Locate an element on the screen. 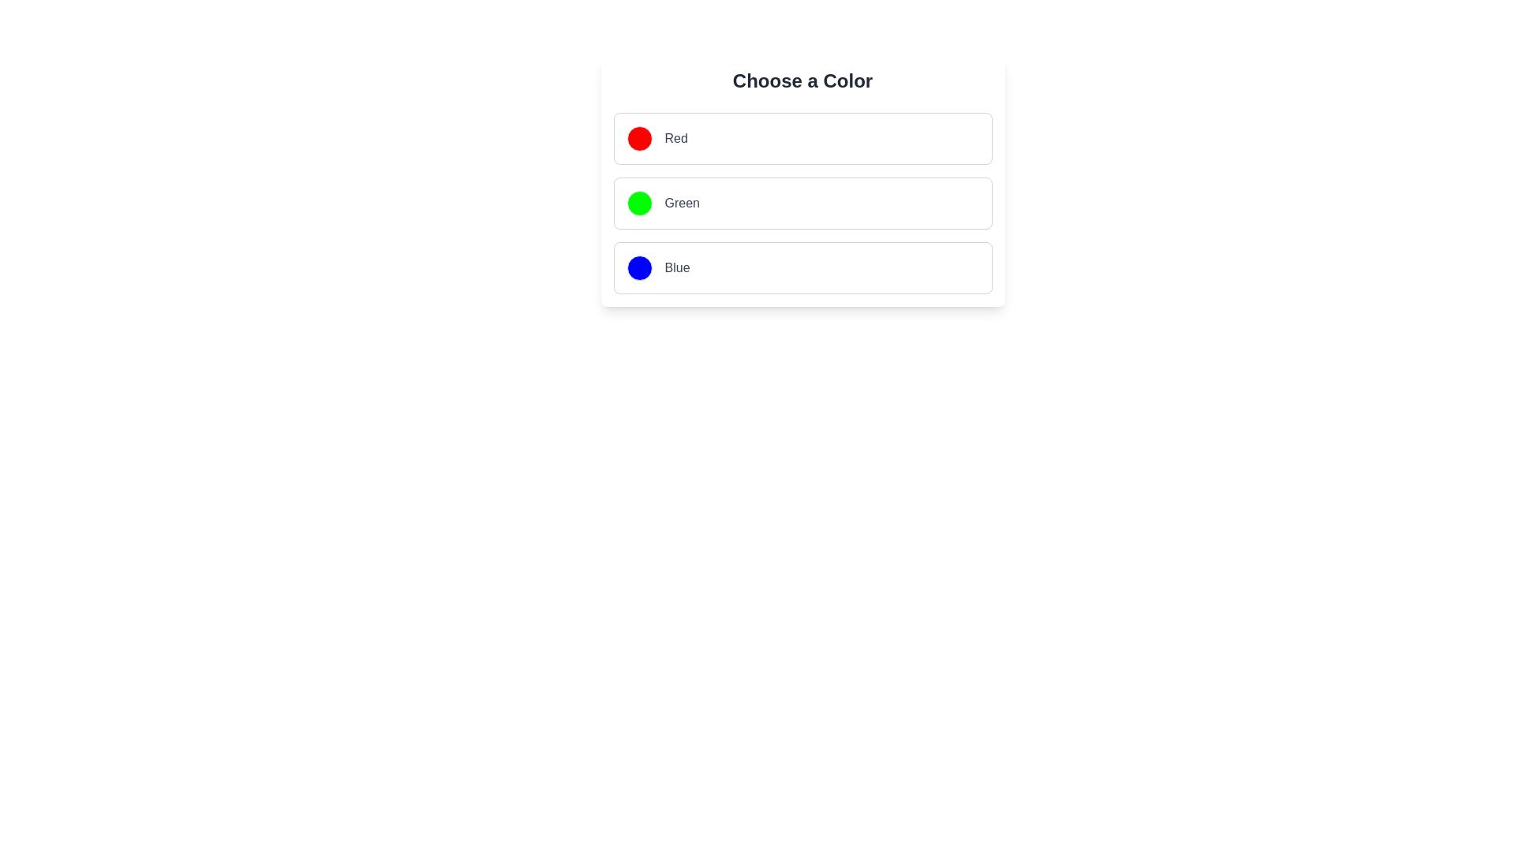 The width and height of the screenshot is (1515, 852). the circular radio button styled with a green background and white border is located at coordinates (639, 203).